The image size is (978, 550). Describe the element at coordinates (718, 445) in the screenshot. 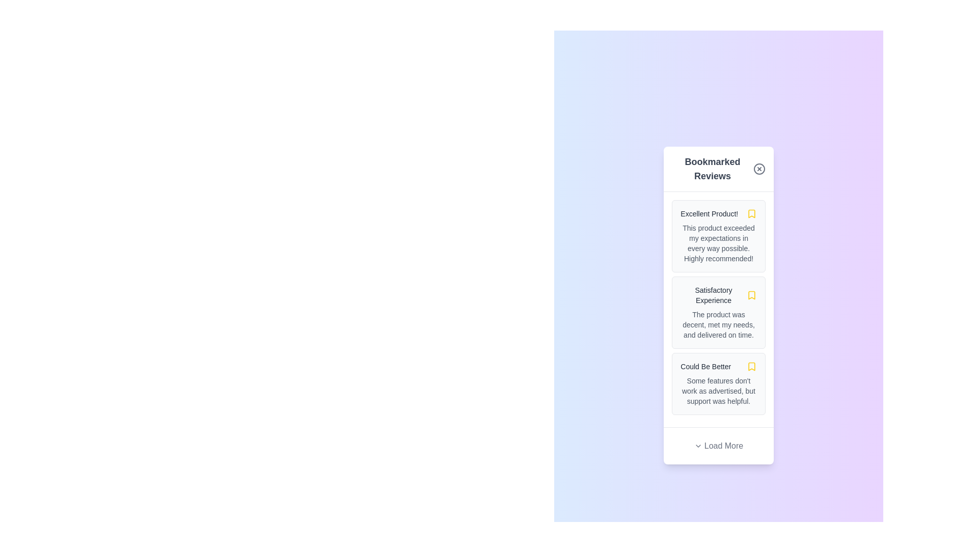

I see `the 'Load More' button to fetch additional reviews` at that location.